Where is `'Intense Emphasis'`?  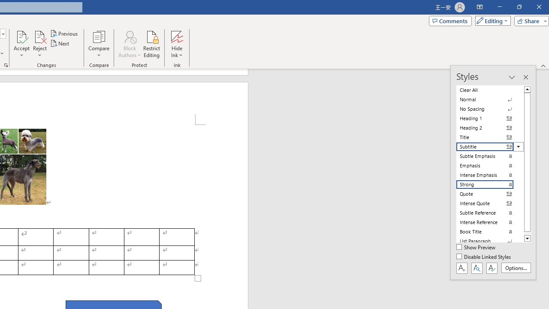 'Intense Emphasis' is located at coordinates (490, 174).